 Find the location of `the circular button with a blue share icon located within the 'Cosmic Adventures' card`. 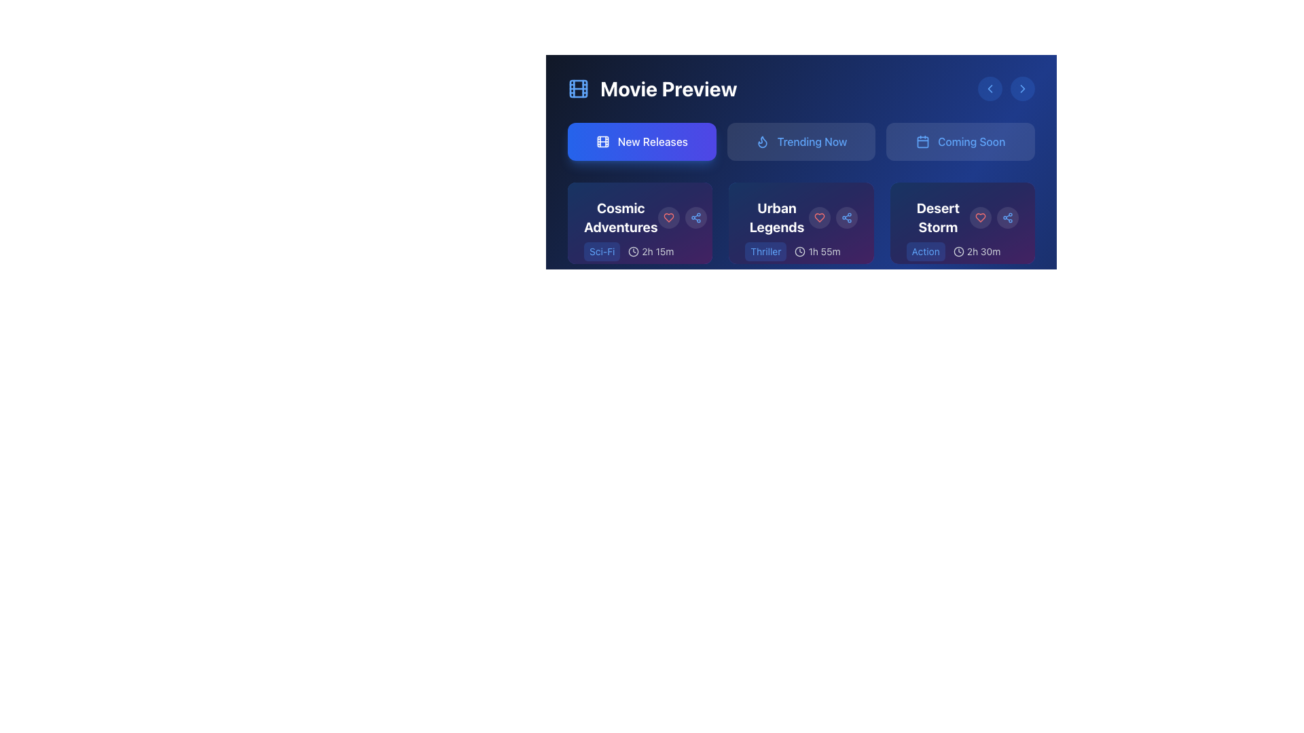

the circular button with a blue share icon located within the 'Cosmic Adventures' card is located at coordinates (695, 217).